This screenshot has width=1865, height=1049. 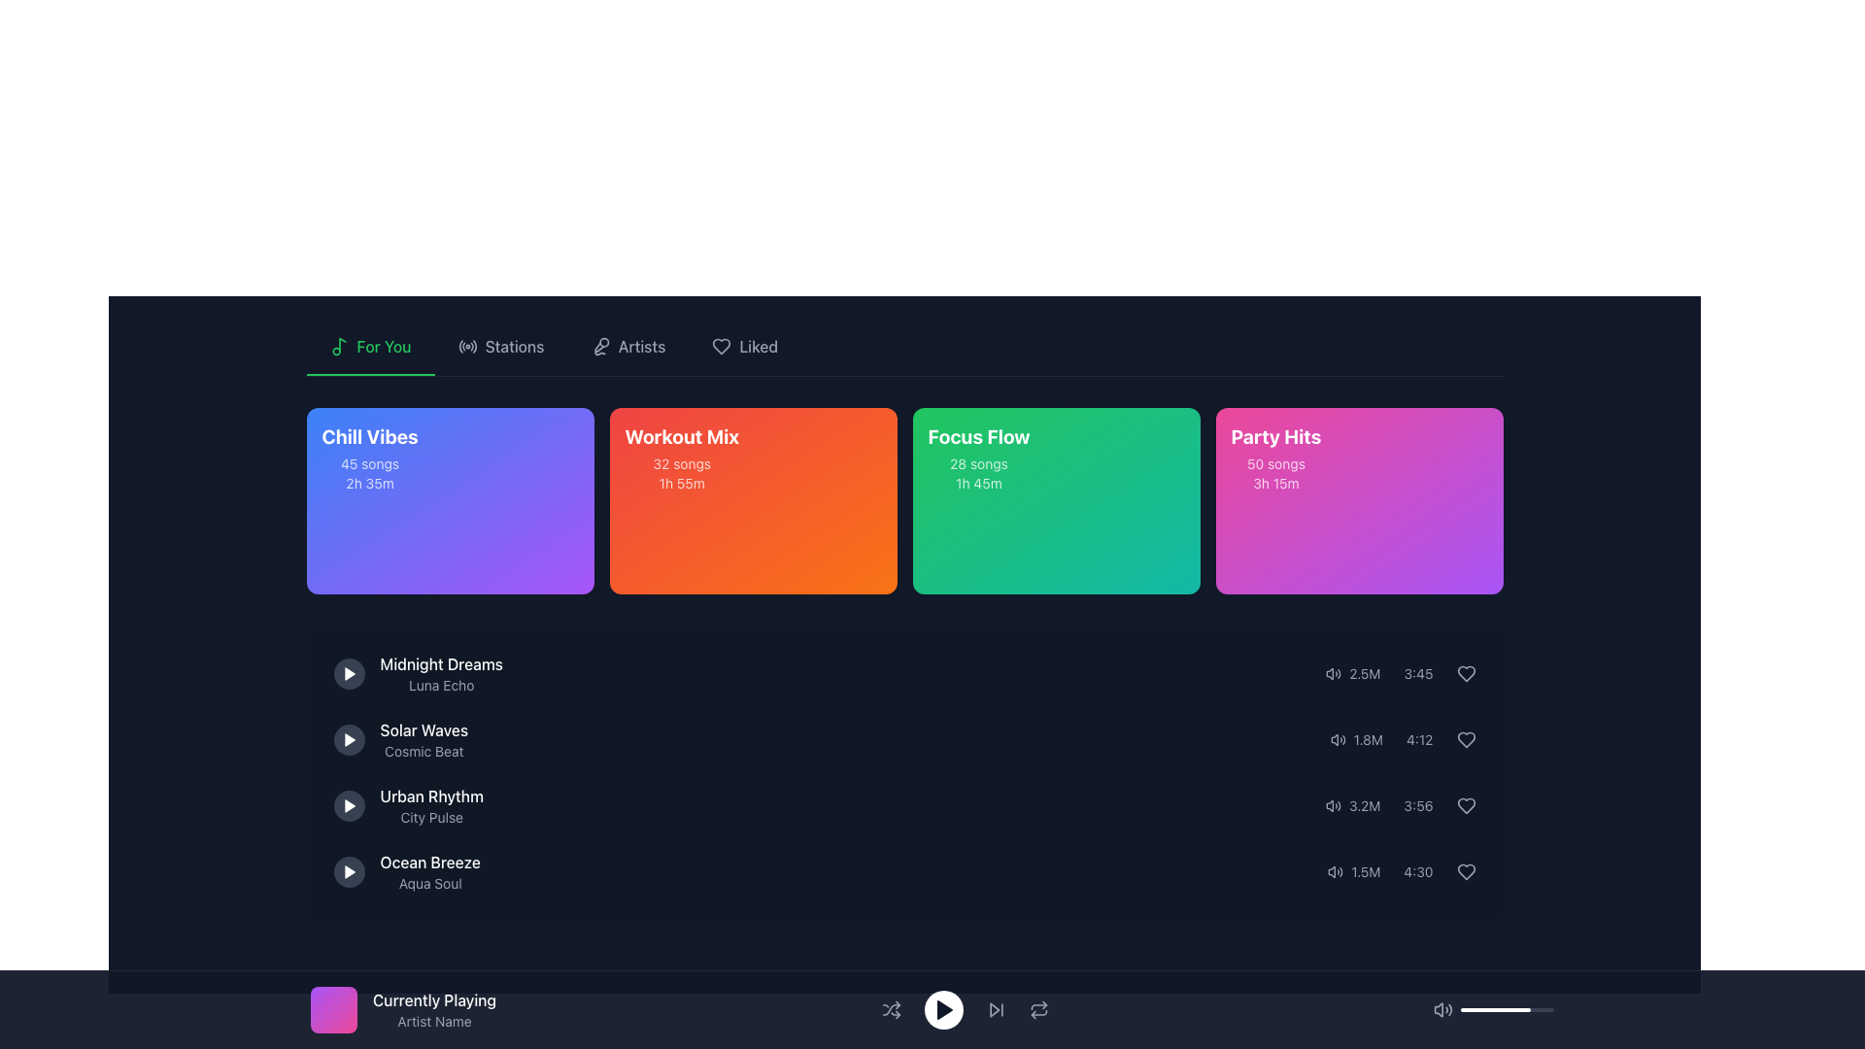 What do you see at coordinates (406, 871) in the screenshot?
I see `the text label displaying the title and subtitle of the music track located in the middle of the left column under the 'For You' section, which is the fourth item in the list` at bounding box center [406, 871].